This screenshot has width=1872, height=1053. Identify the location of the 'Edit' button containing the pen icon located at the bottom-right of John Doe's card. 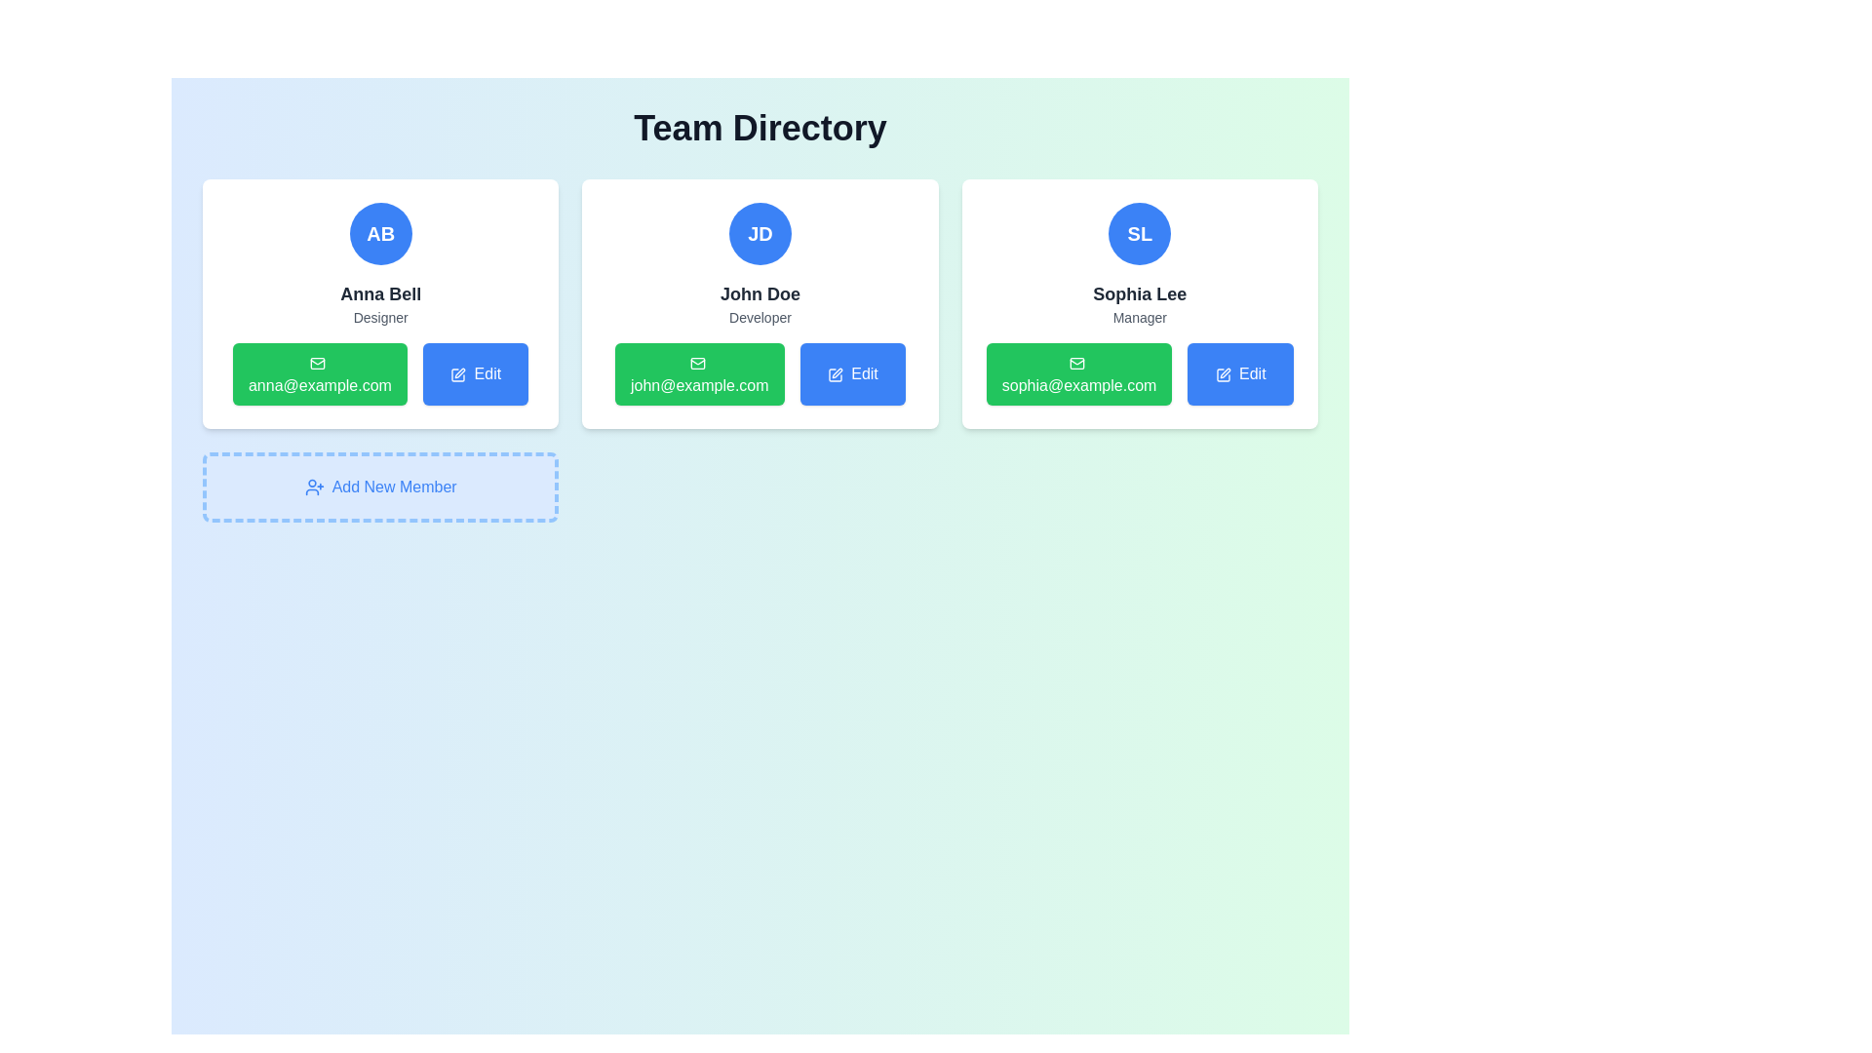
(835, 374).